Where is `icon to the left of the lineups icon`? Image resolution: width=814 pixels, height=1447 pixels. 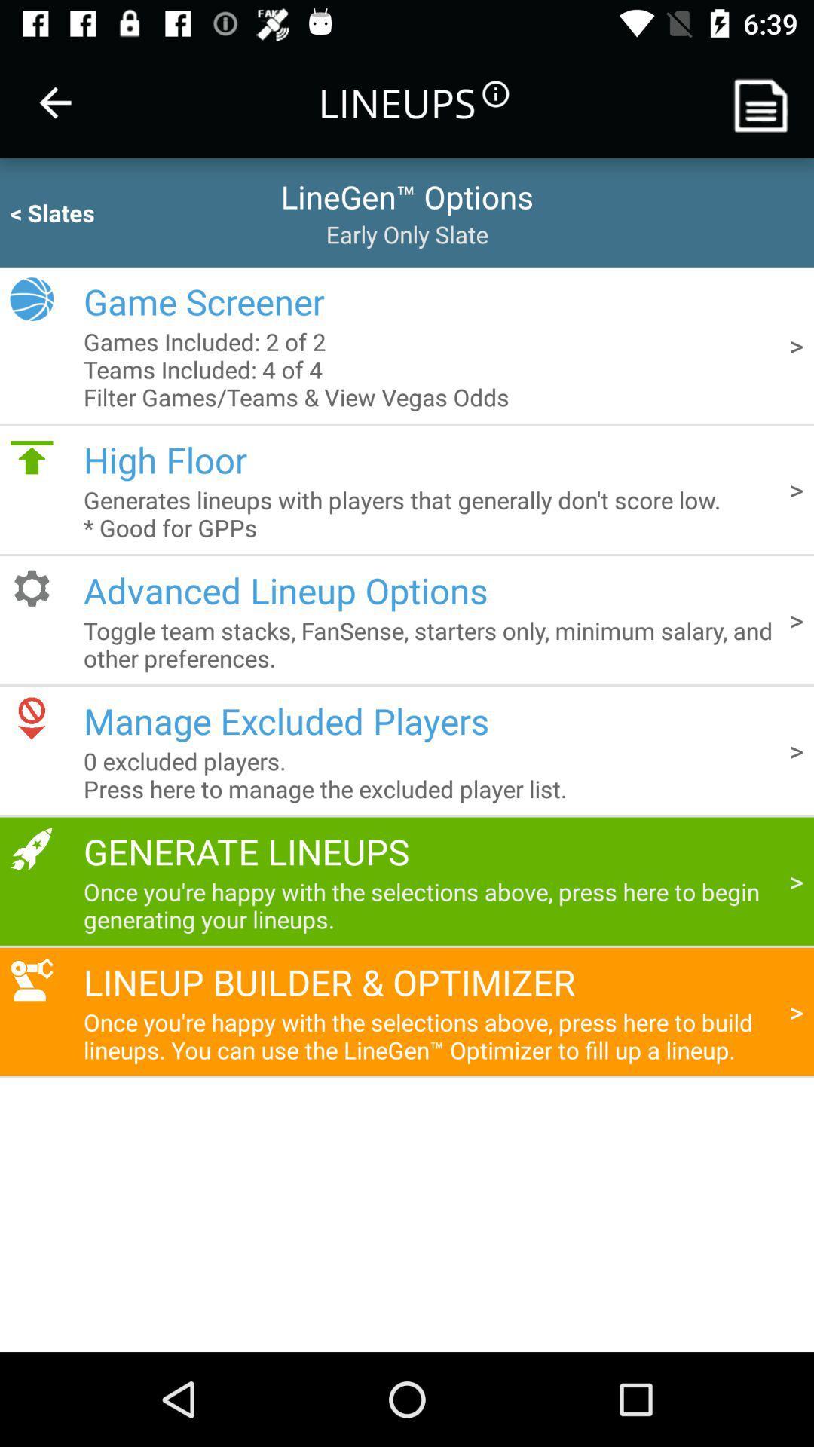 icon to the left of the lineups icon is located at coordinates (54, 102).